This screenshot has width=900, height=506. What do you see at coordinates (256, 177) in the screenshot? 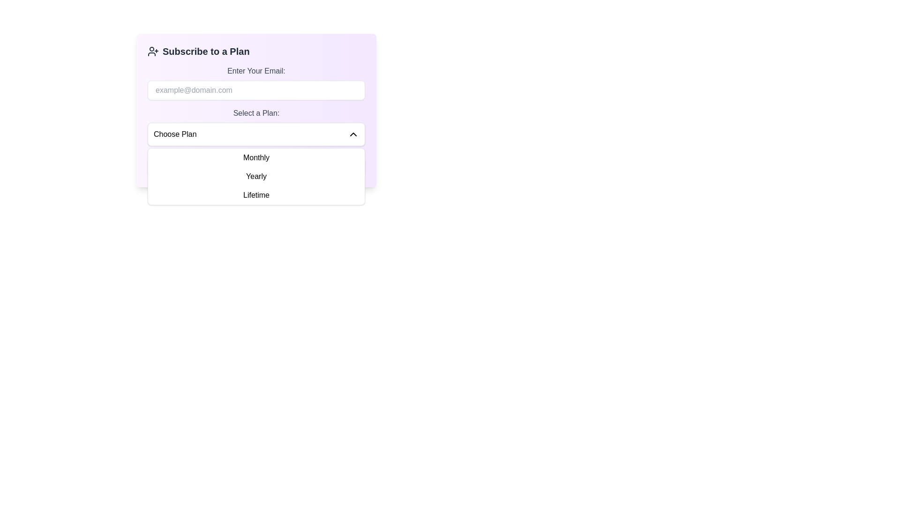
I see `the dropdown menu for selecting subscription plans located below the 'Choose Plan' button` at bounding box center [256, 177].